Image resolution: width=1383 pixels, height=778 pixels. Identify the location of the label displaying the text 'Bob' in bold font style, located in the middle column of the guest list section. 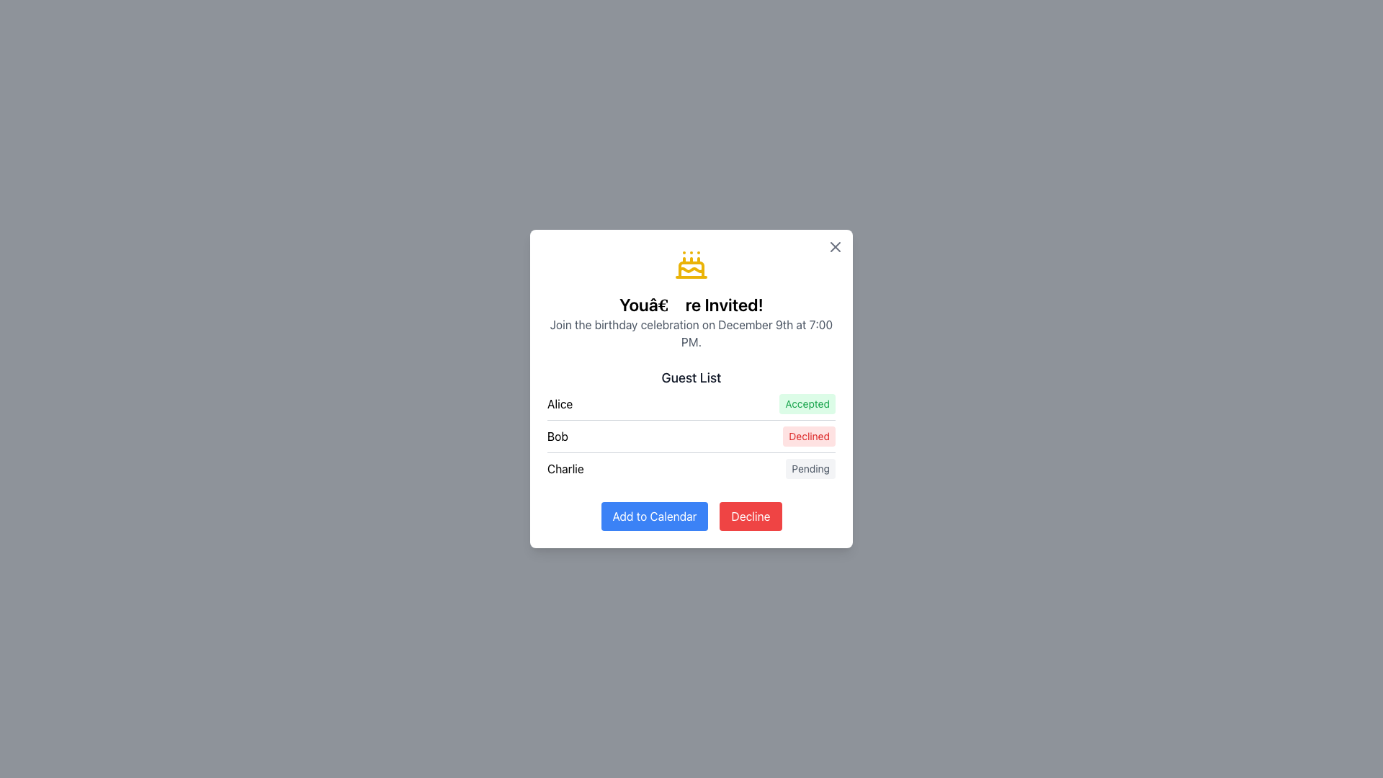
(557, 435).